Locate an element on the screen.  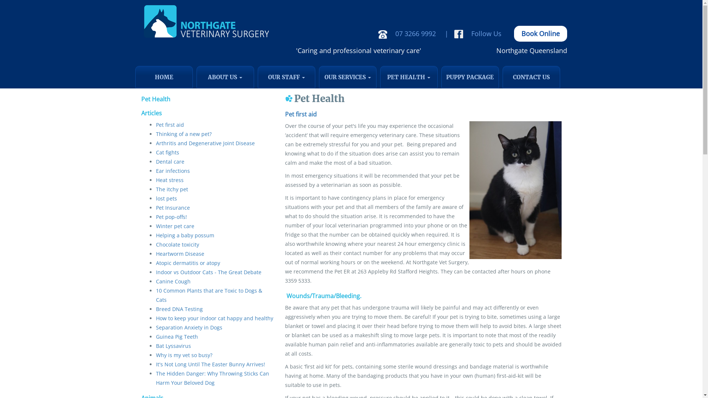
'PUPPY PACKAGE' is located at coordinates (469, 77).